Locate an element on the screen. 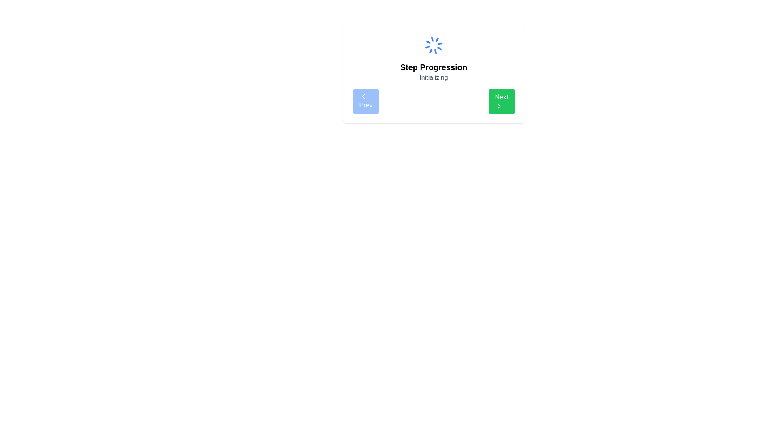  the text label displaying 'Initializing' which is positioned below the 'Step Progression' heading and above the navigation bar is located at coordinates (433, 78).